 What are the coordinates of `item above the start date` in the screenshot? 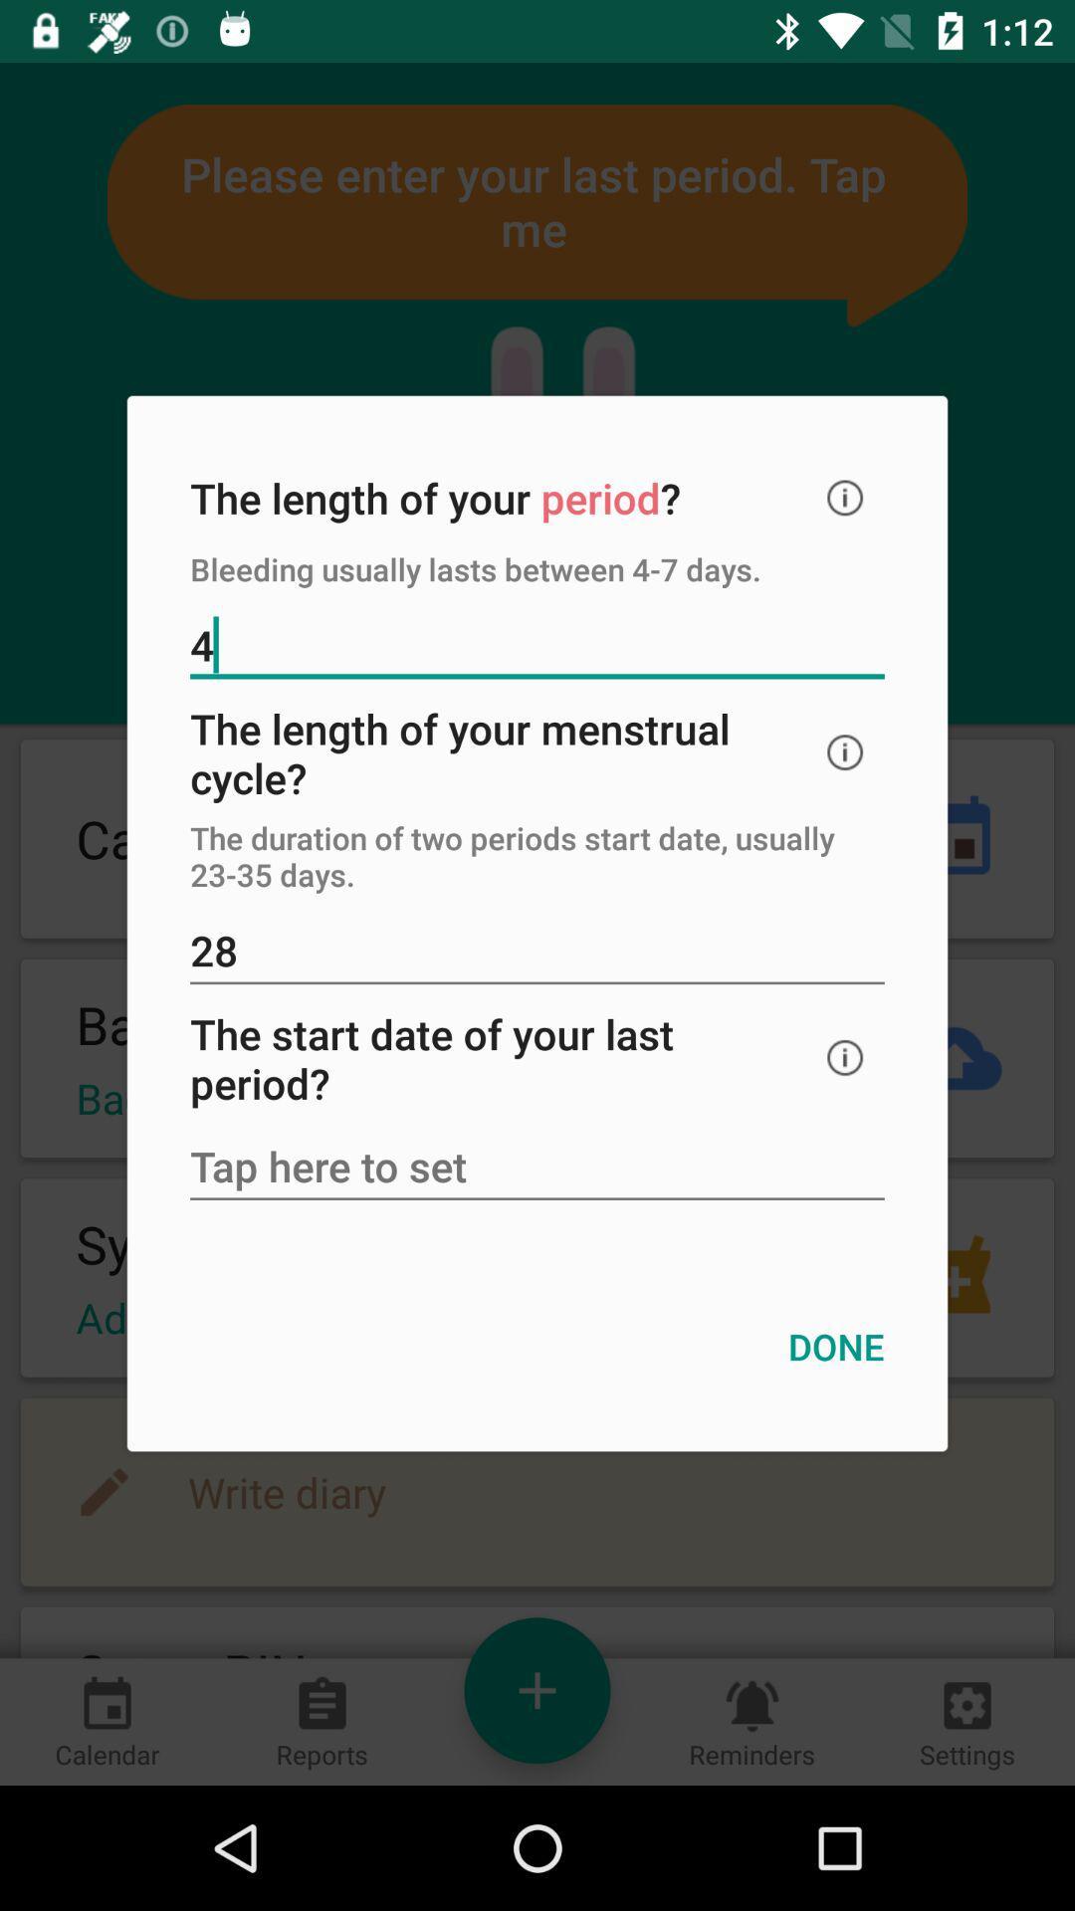 It's located at (537, 952).